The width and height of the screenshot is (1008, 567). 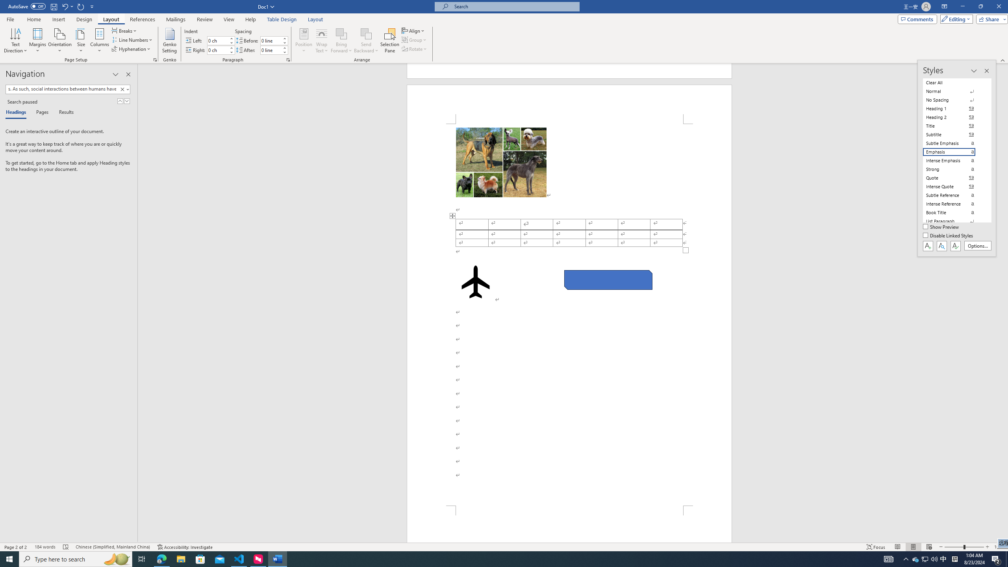 What do you see at coordinates (569, 314) in the screenshot?
I see `'Page 2 content'` at bounding box center [569, 314].